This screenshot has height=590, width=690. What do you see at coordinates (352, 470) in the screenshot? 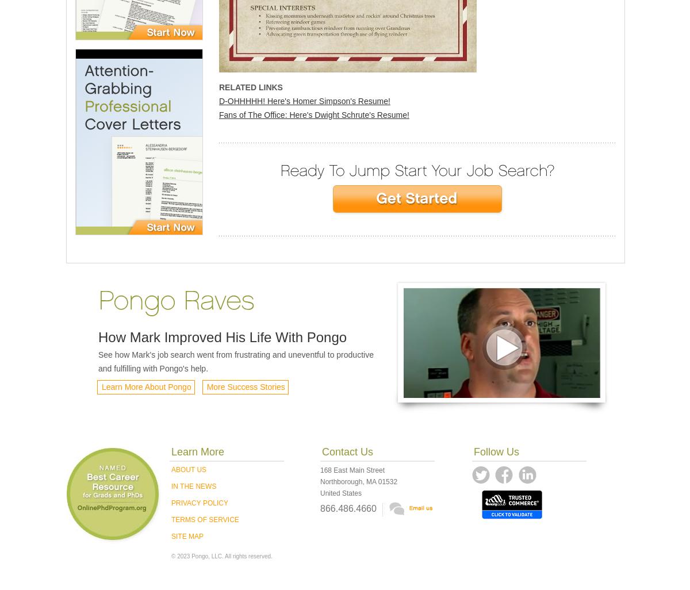
I see `'168 East Main Street'` at bounding box center [352, 470].